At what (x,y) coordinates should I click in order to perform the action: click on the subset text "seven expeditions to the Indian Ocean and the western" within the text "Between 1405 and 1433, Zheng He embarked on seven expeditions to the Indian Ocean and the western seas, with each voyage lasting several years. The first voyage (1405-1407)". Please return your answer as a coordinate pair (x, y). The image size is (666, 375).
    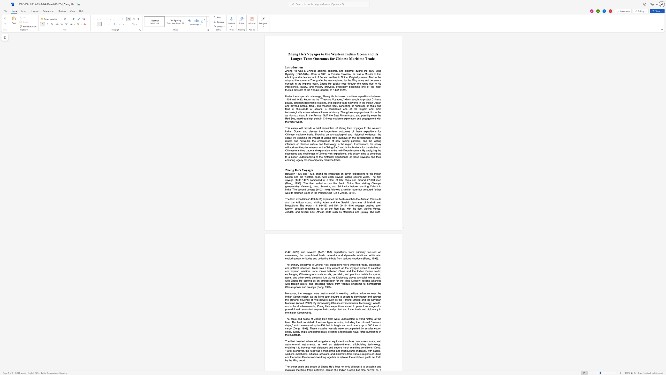
    Looking at the image, I should click on (344, 173).